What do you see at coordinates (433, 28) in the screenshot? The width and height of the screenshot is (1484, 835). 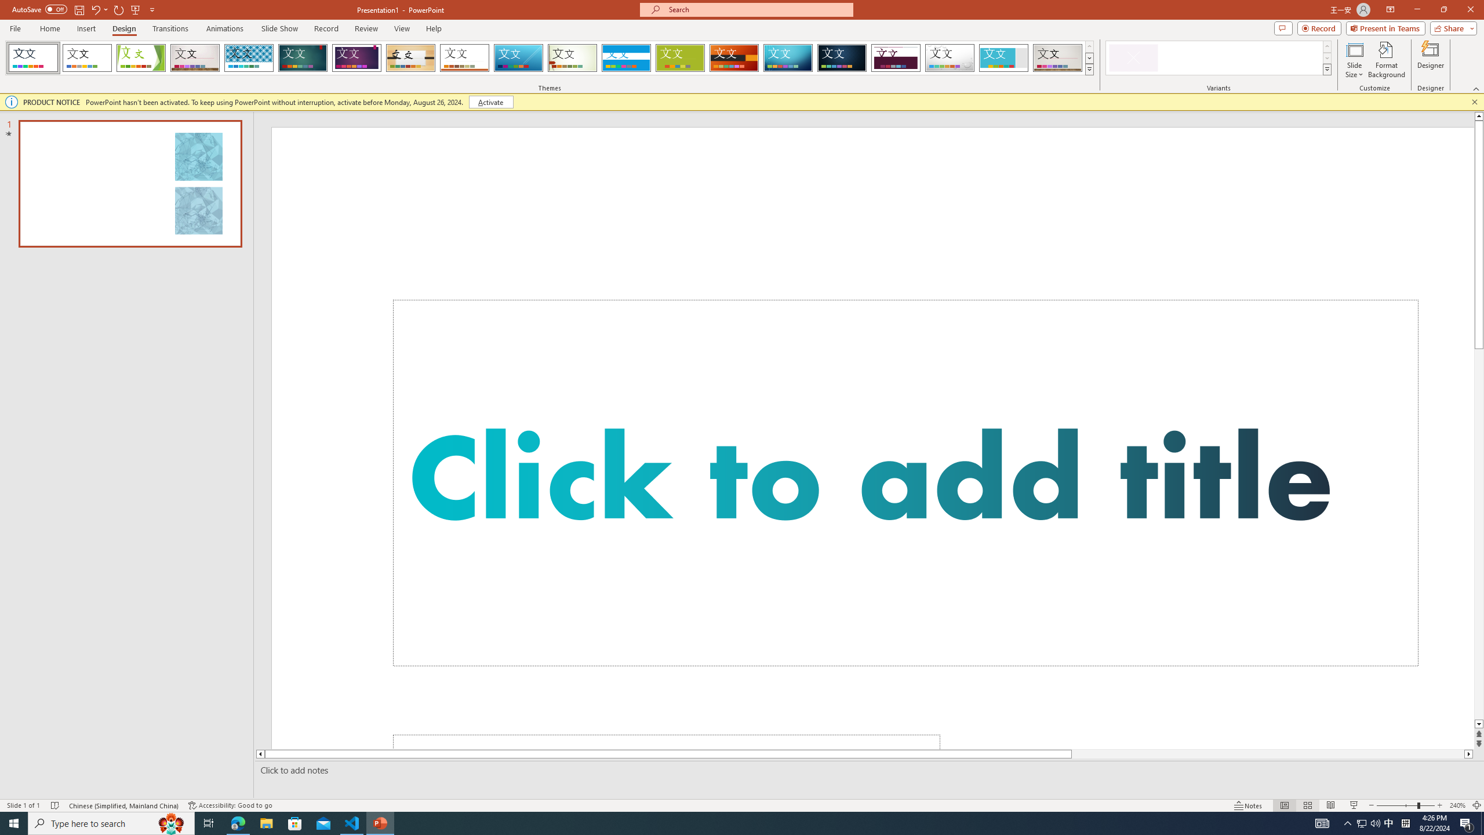 I see `'Help'` at bounding box center [433, 28].